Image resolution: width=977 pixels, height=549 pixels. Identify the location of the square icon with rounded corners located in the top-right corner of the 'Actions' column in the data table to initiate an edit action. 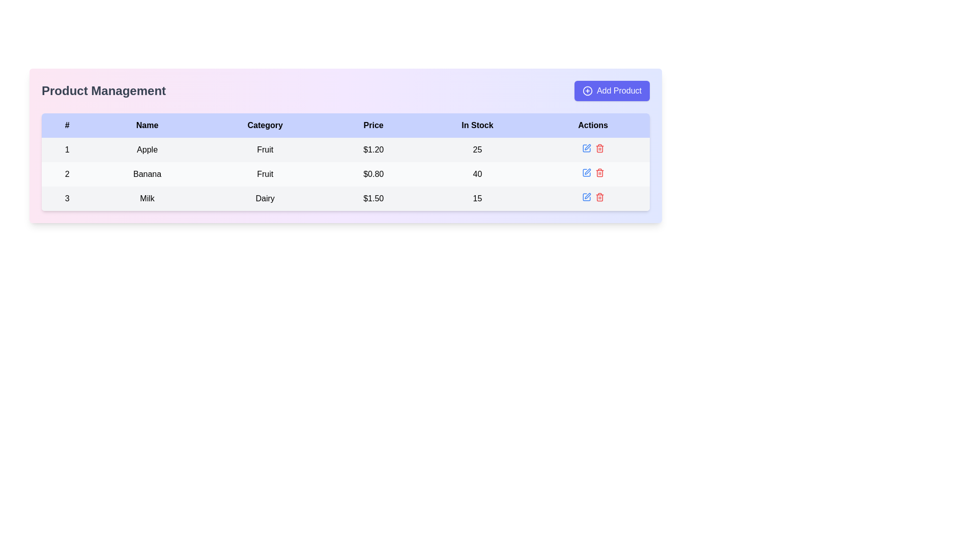
(586, 148).